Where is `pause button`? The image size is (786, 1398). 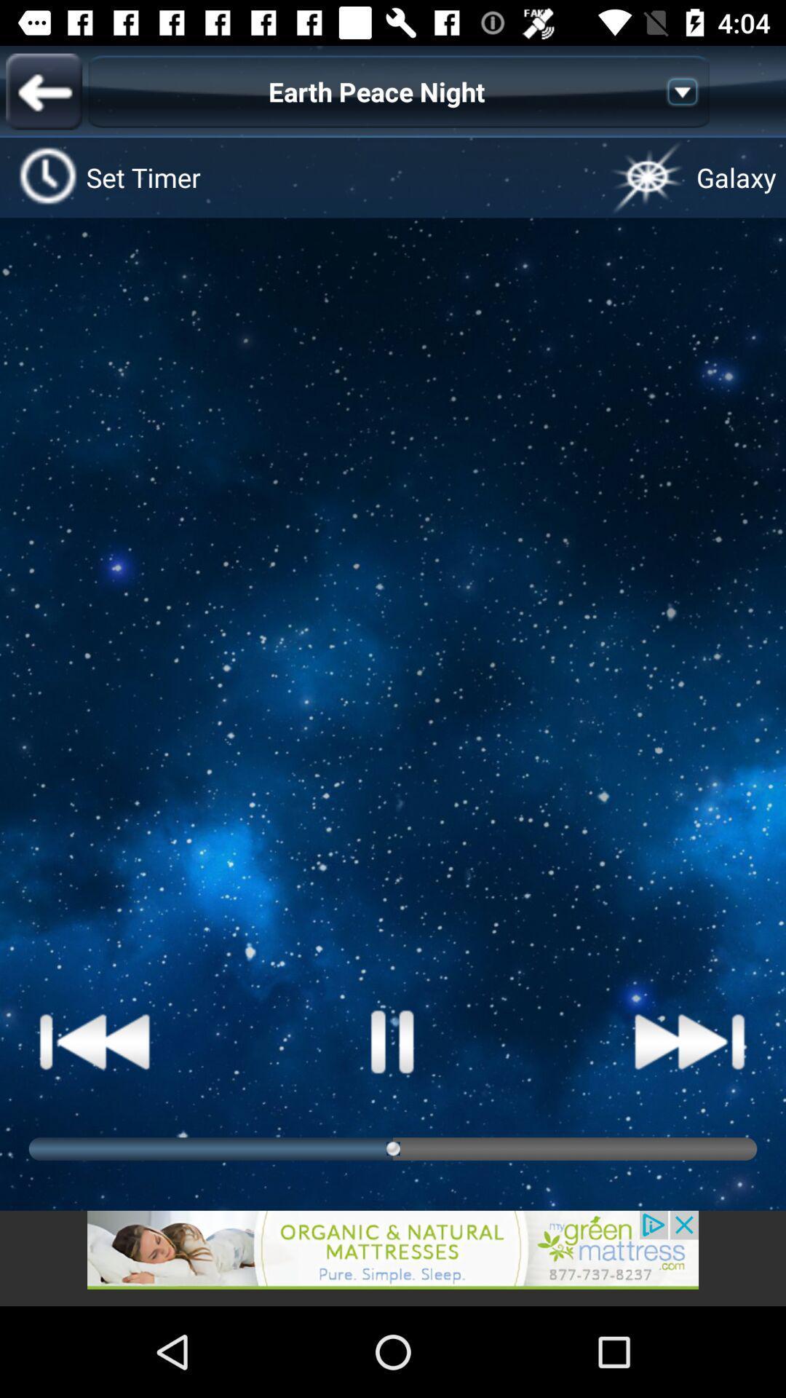
pause button is located at coordinates (393, 1040).